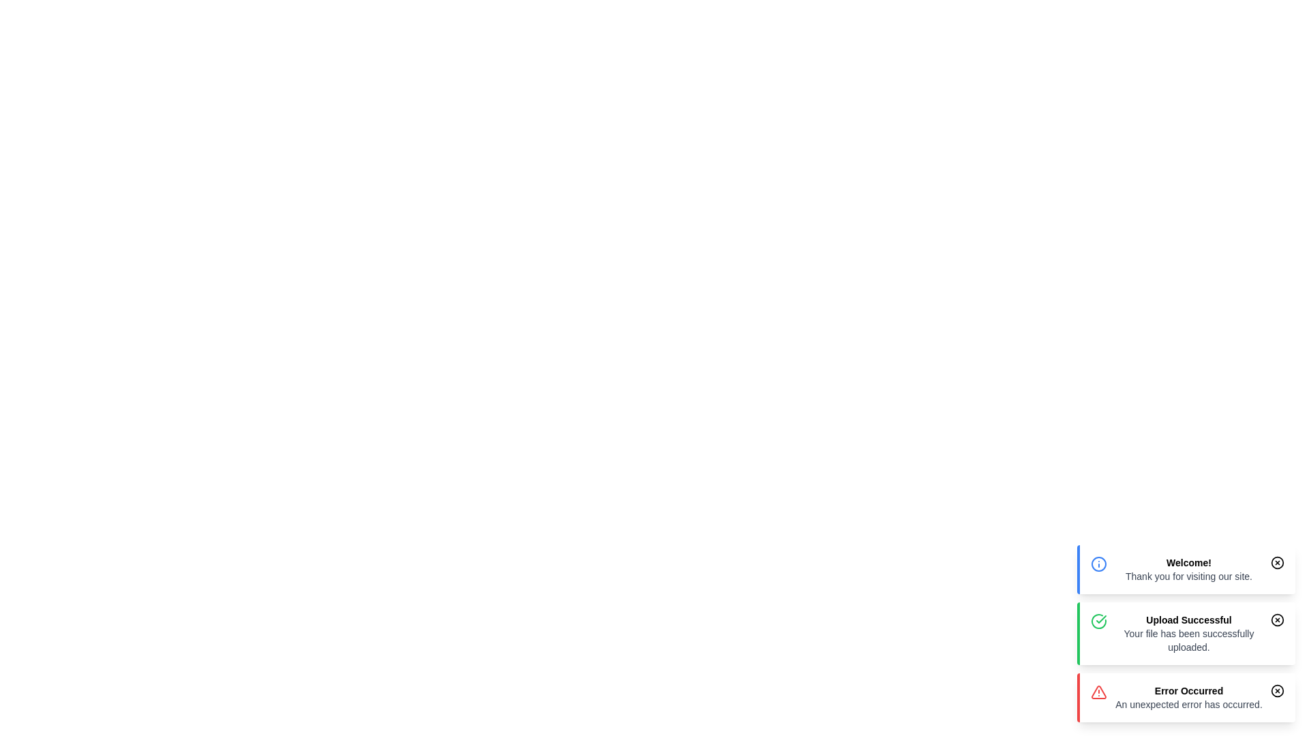 This screenshot has width=1309, height=736. I want to click on the primary icon in the 'Upload Successful' notification panel, which indicates that the file upload was successful, so click(1099, 621).